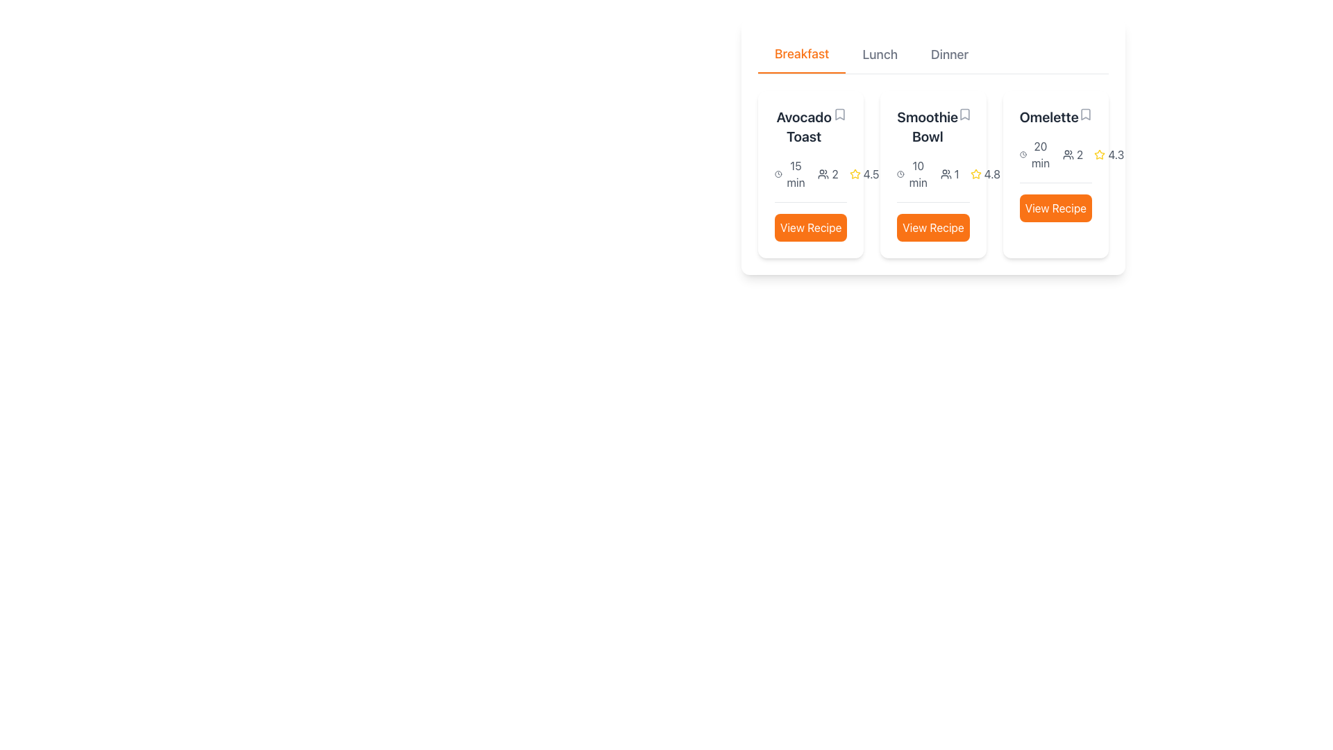 The height and width of the screenshot is (750, 1333). What do you see at coordinates (1108, 155) in the screenshot?
I see `the rating display component for the 'Omelette' dish, which shows its numerical rating and visual star indicator, located at the right side of the third card titled 'Omelette'` at bounding box center [1108, 155].